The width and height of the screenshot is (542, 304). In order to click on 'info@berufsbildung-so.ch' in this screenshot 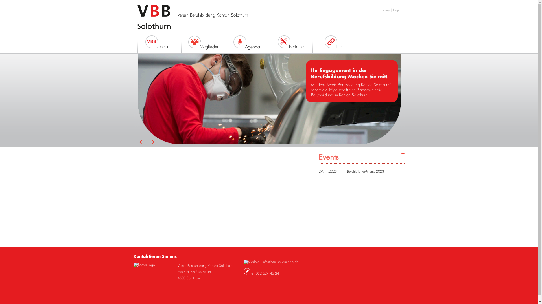, I will do `click(261, 262)`.